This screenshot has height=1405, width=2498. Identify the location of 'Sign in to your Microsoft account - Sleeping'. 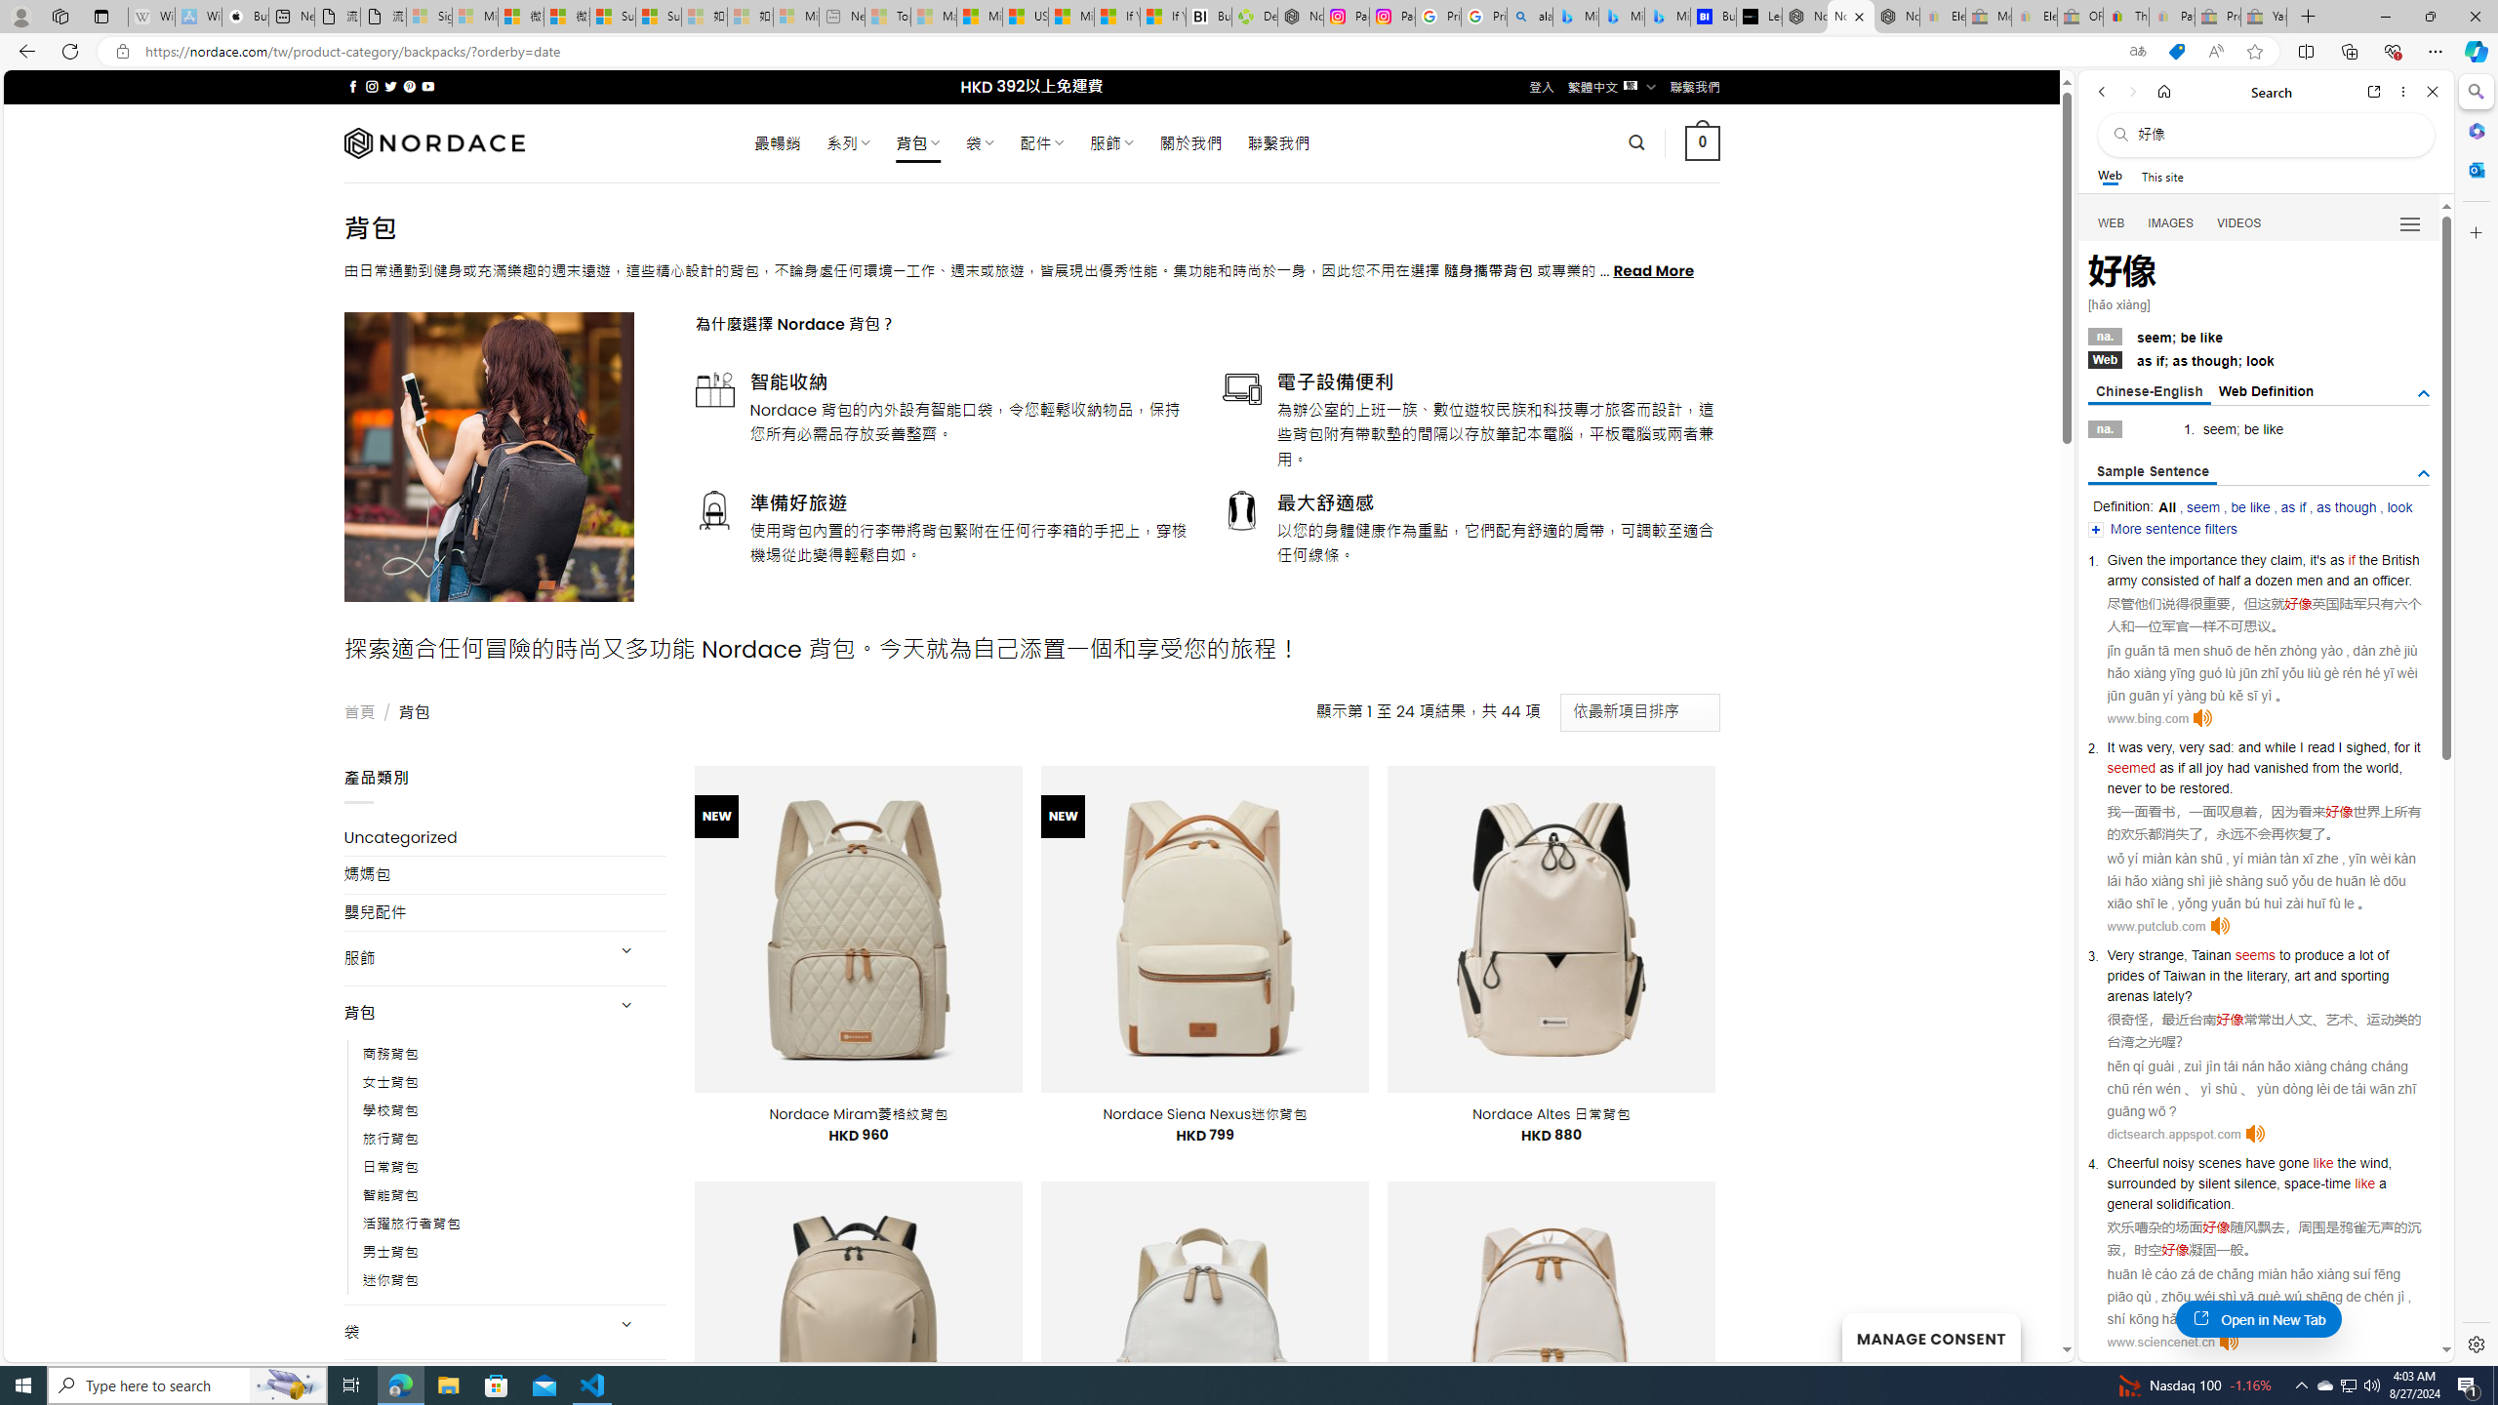
(428, 16).